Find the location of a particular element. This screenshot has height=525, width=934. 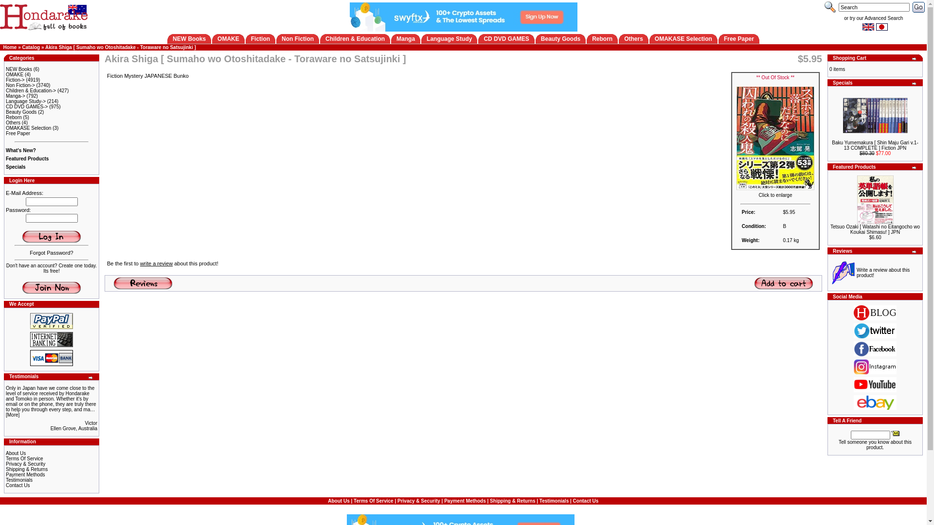

'or try our Advanced Search' is located at coordinates (843, 18).